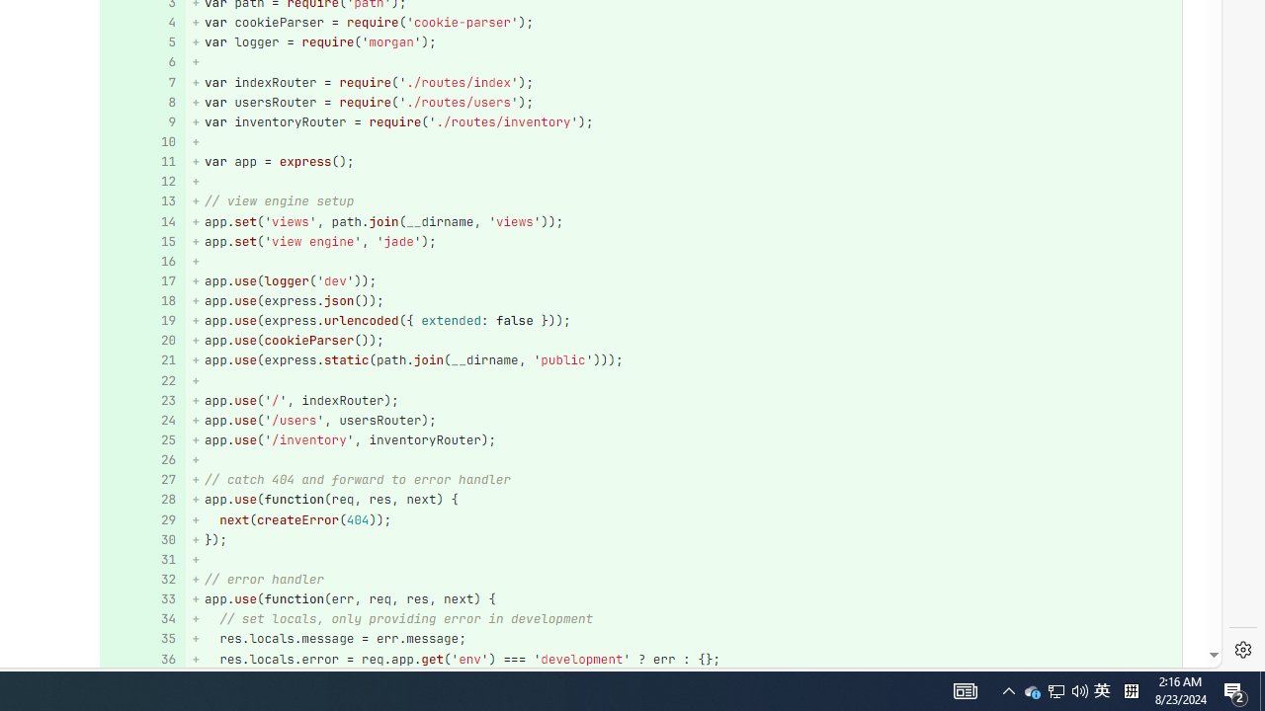  What do you see at coordinates (139, 141) in the screenshot?
I see `'10'` at bounding box center [139, 141].